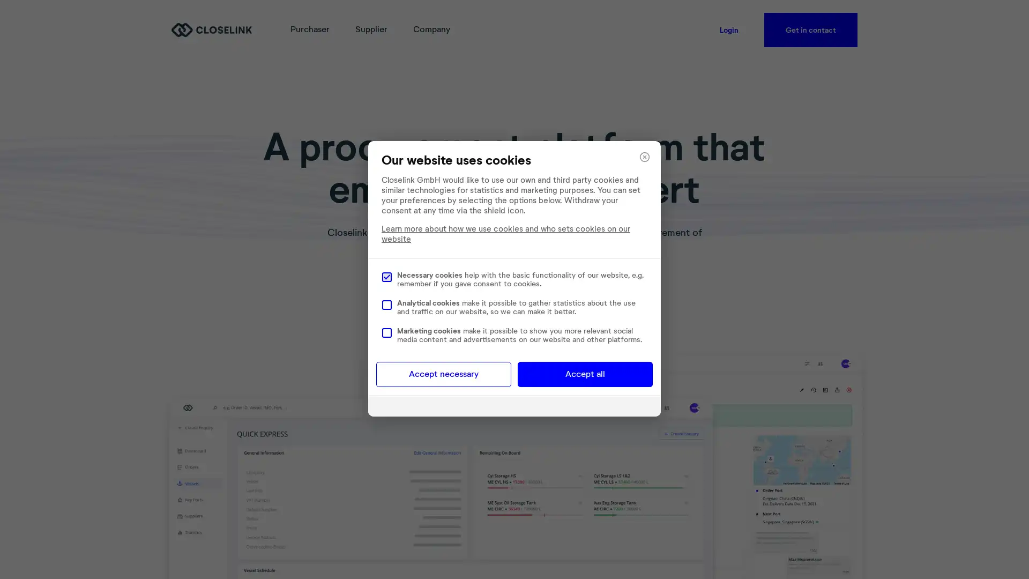 The image size is (1029, 579). I want to click on Company, so click(431, 29).